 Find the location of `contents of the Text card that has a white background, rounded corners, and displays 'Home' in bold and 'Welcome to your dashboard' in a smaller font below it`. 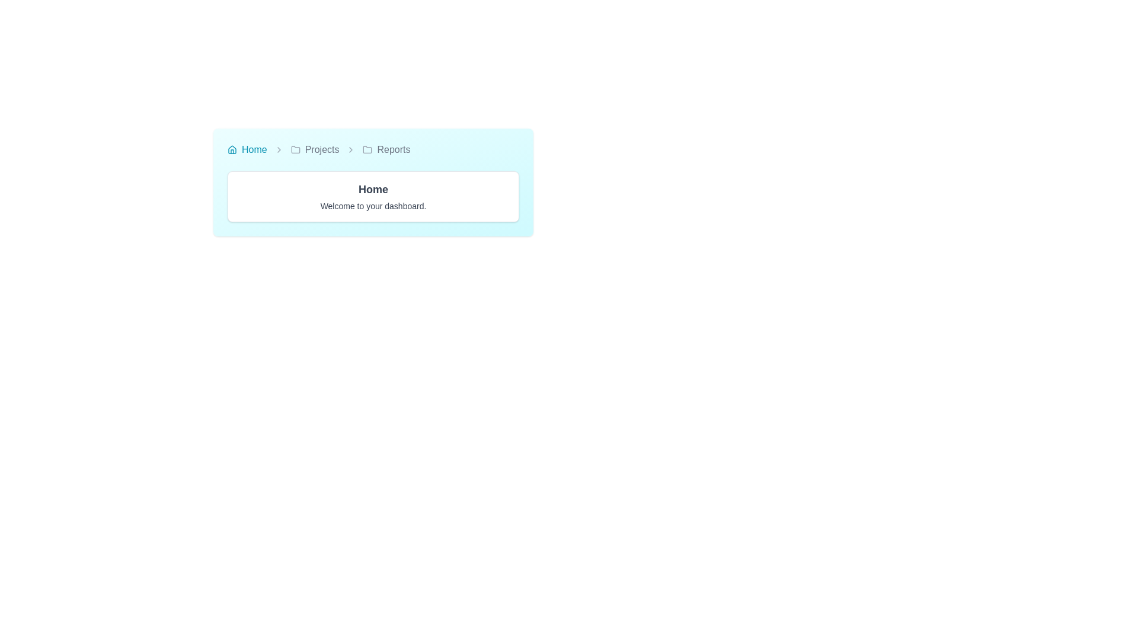

contents of the Text card that has a white background, rounded corners, and displays 'Home' in bold and 'Welcome to your dashboard' in a smaller font below it is located at coordinates (372, 196).